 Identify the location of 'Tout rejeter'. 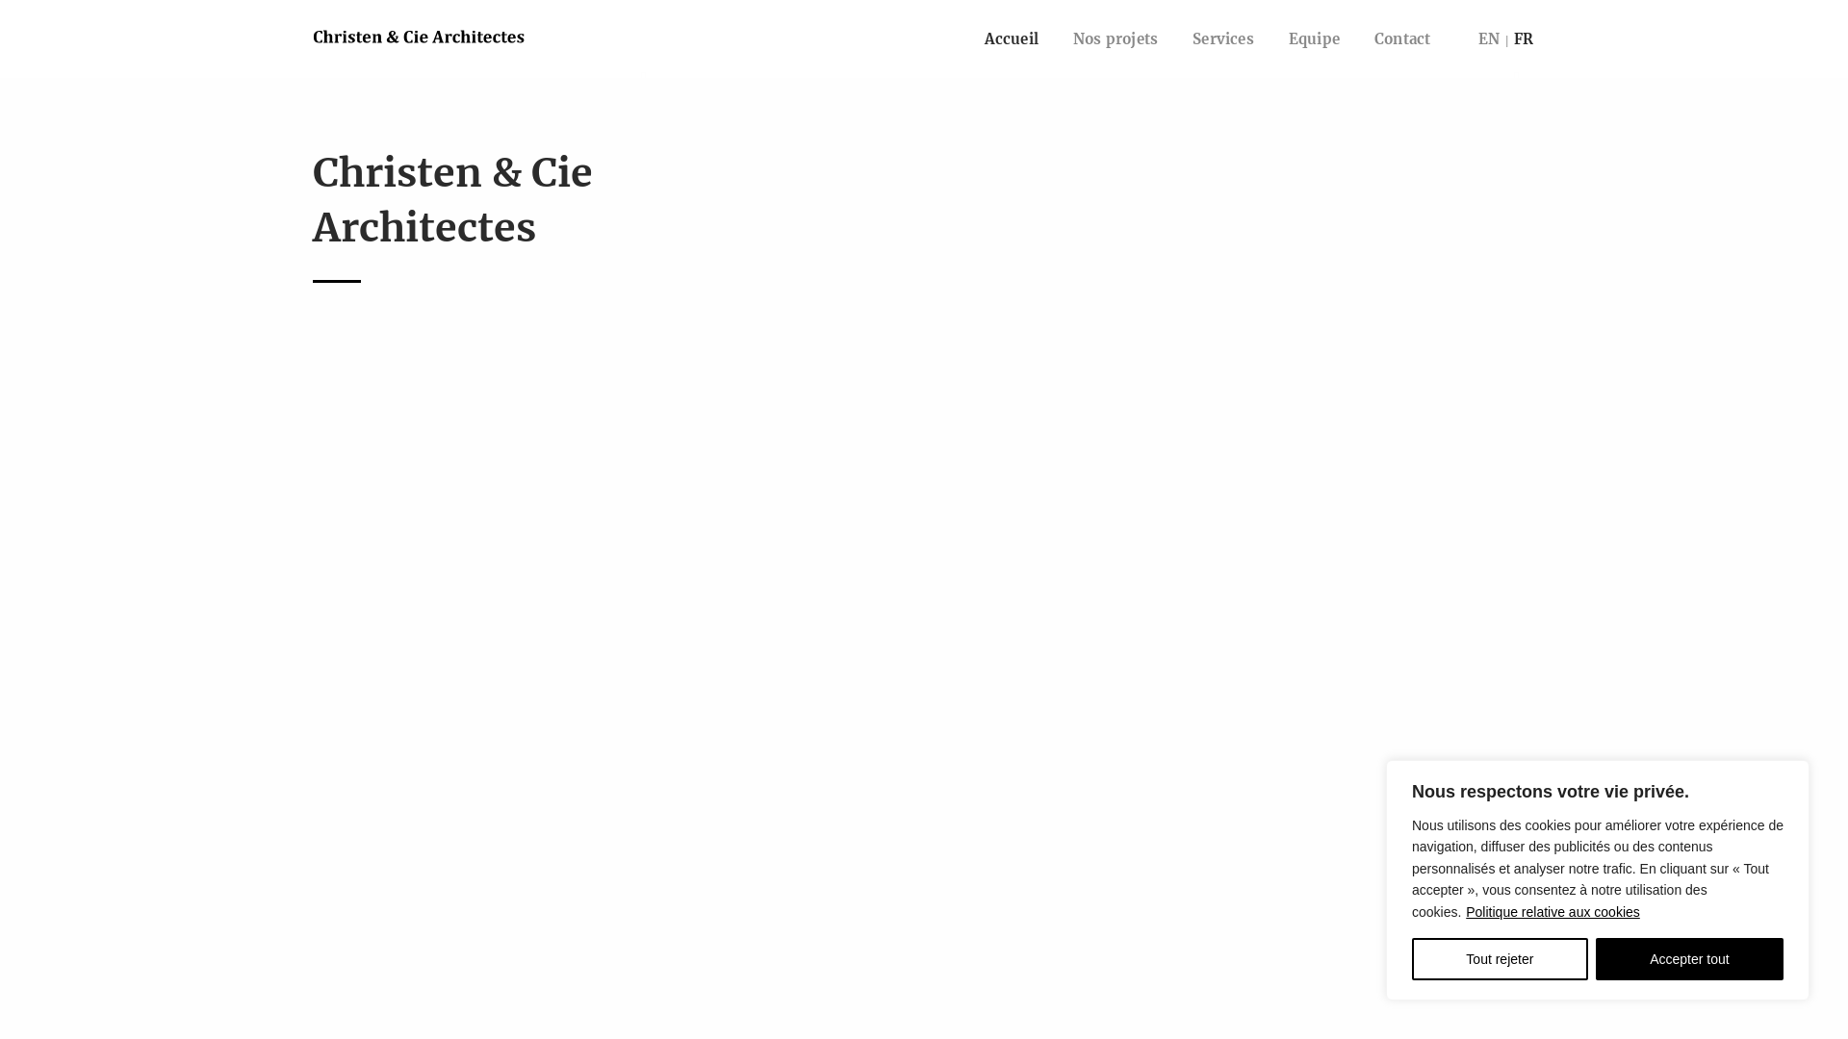
(1499, 958).